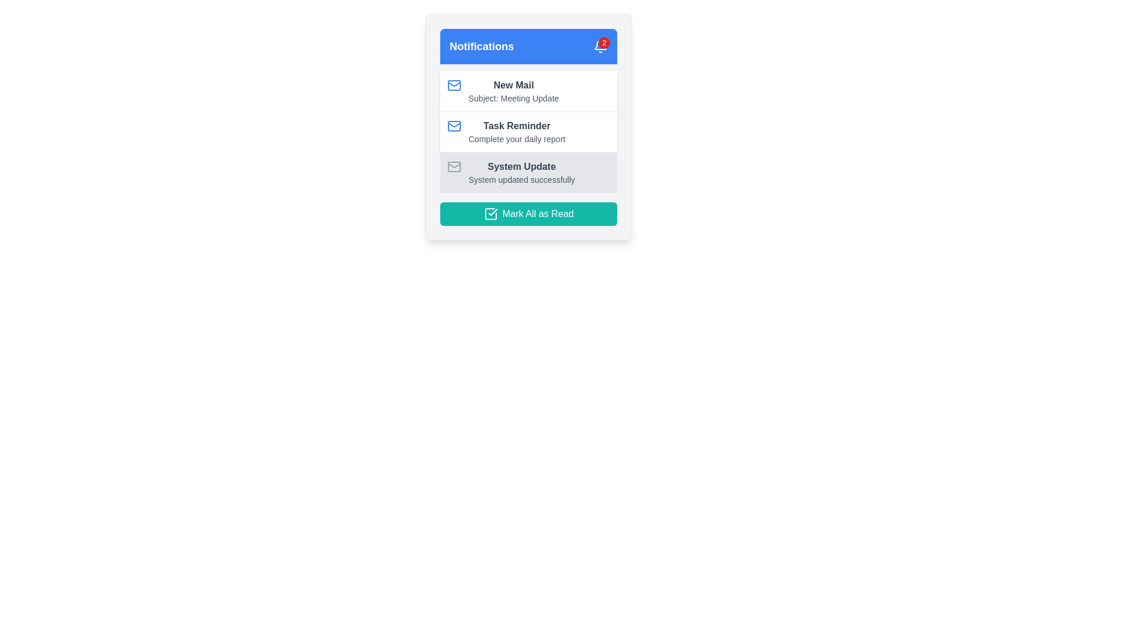  Describe the element at coordinates (453, 166) in the screenshot. I see `the email or messaging SVG icon associated with the 'System Update' notification` at that location.